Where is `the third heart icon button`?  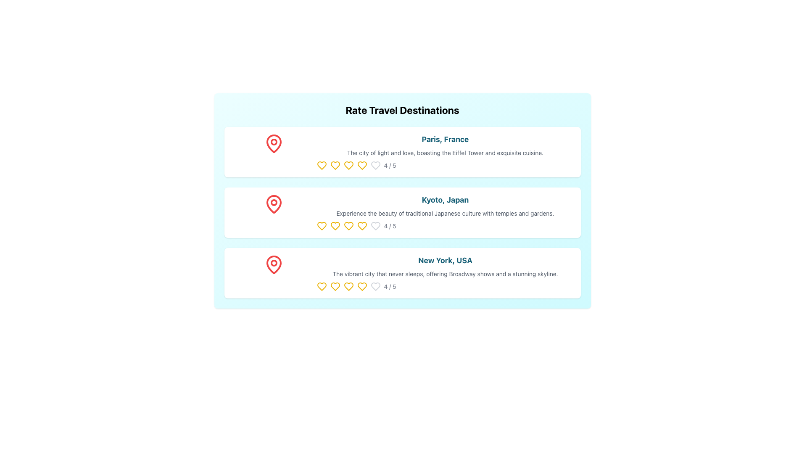
the third heart icon button is located at coordinates (348, 165).